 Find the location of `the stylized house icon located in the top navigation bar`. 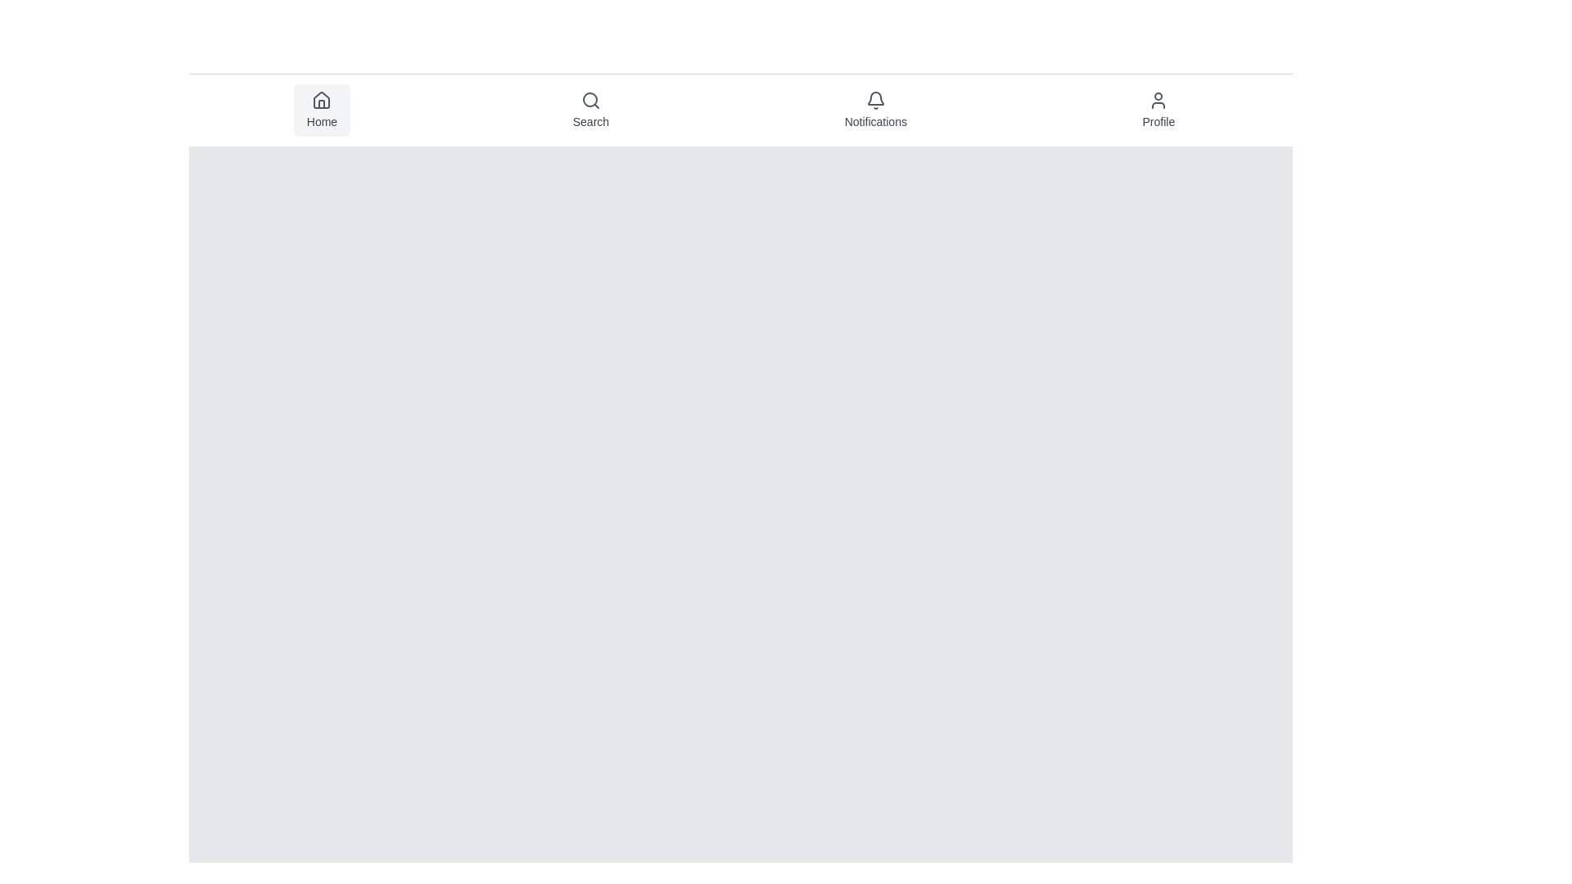

the stylized house icon located in the top navigation bar is located at coordinates (322, 100).